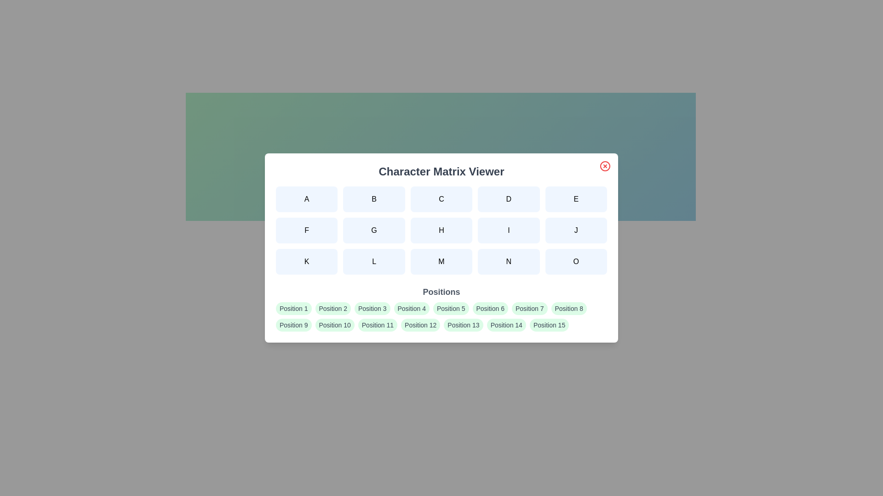 This screenshot has height=496, width=883. What do you see at coordinates (441, 230) in the screenshot?
I see `the character button labeled H` at bounding box center [441, 230].